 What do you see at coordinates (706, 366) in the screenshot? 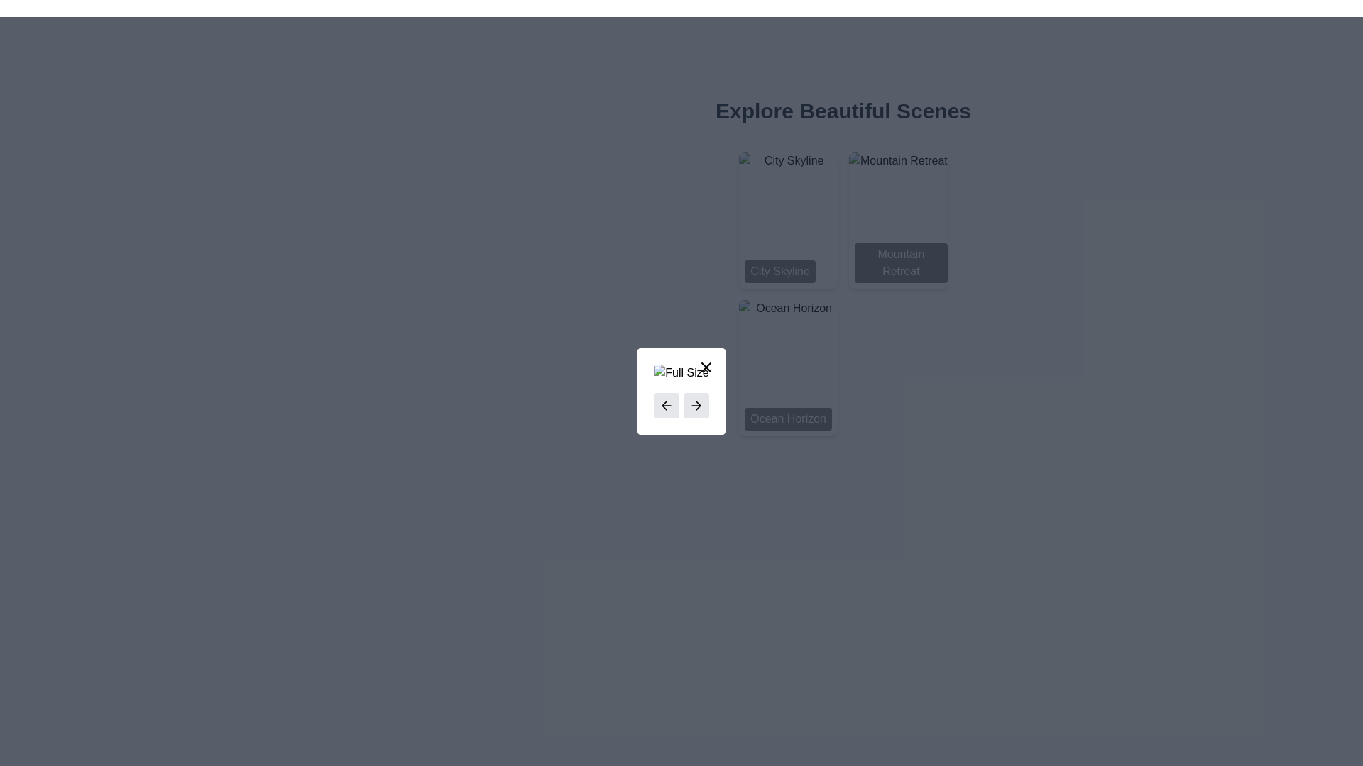
I see `the close button located at the top-right corner of the white rounded box` at bounding box center [706, 366].